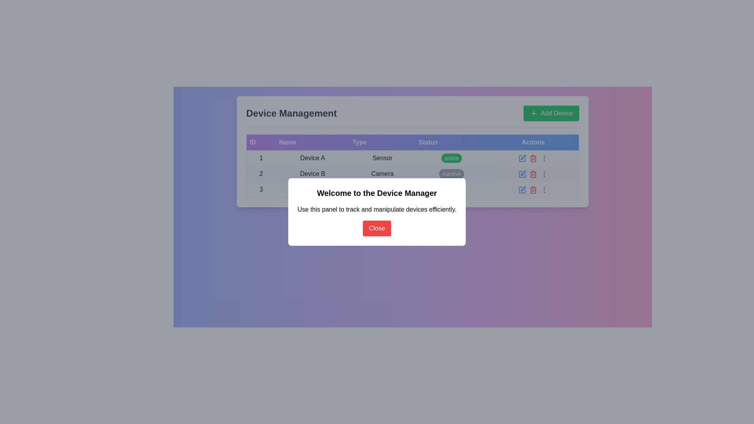 The width and height of the screenshot is (754, 424). Describe the element at coordinates (533, 174) in the screenshot. I see `the red trash bin icon located in the middle of the 'Actions' column in the second row of the data table, corresponding to 'Device B'` at that location.